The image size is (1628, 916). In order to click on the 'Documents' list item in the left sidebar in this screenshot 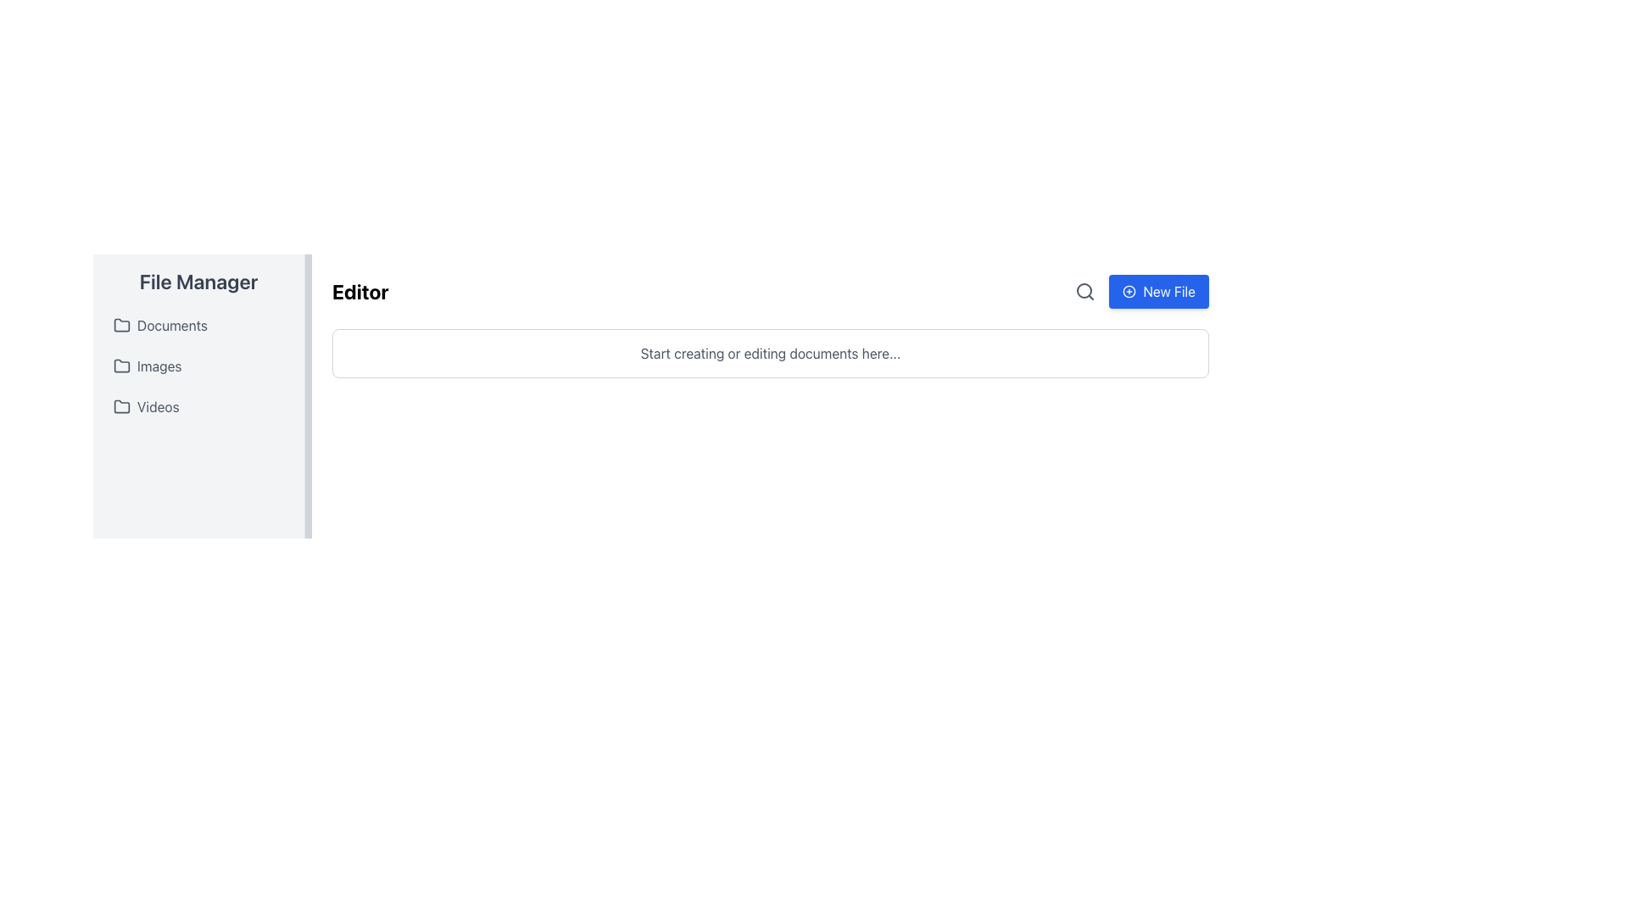, I will do `click(198, 326)`.